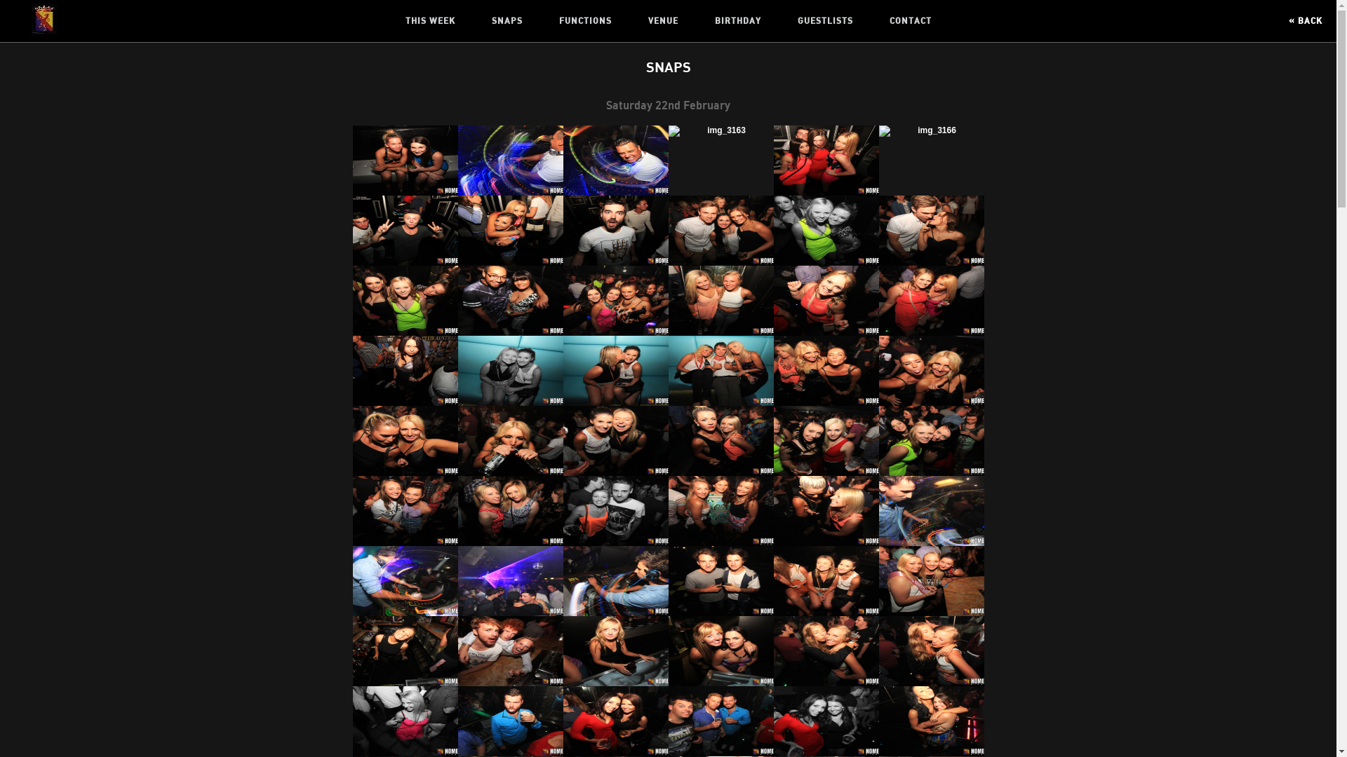  I want to click on ' ', so click(615, 299).